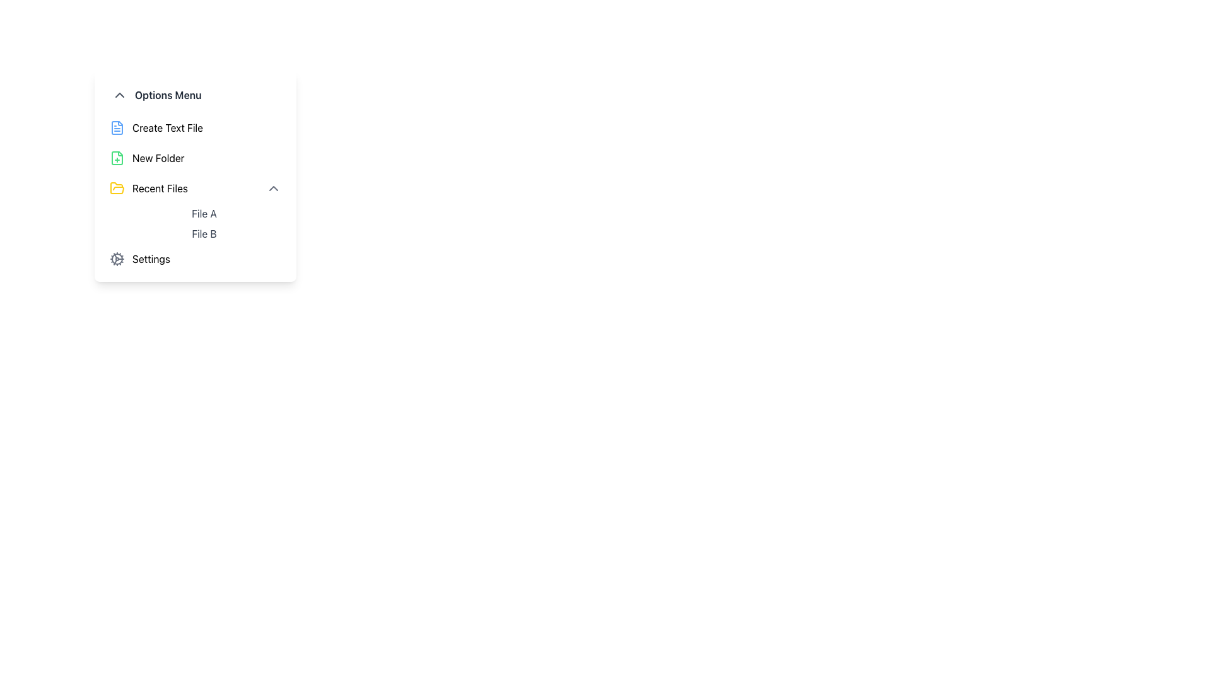 This screenshot has width=1211, height=681. What do you see at coordinates (167, 128) in the screenshot?
I see `the 'New Text File' label in the 'Options Menu', which is the second menu option featuring a file icon to the left` at bounding box center [167, 128].